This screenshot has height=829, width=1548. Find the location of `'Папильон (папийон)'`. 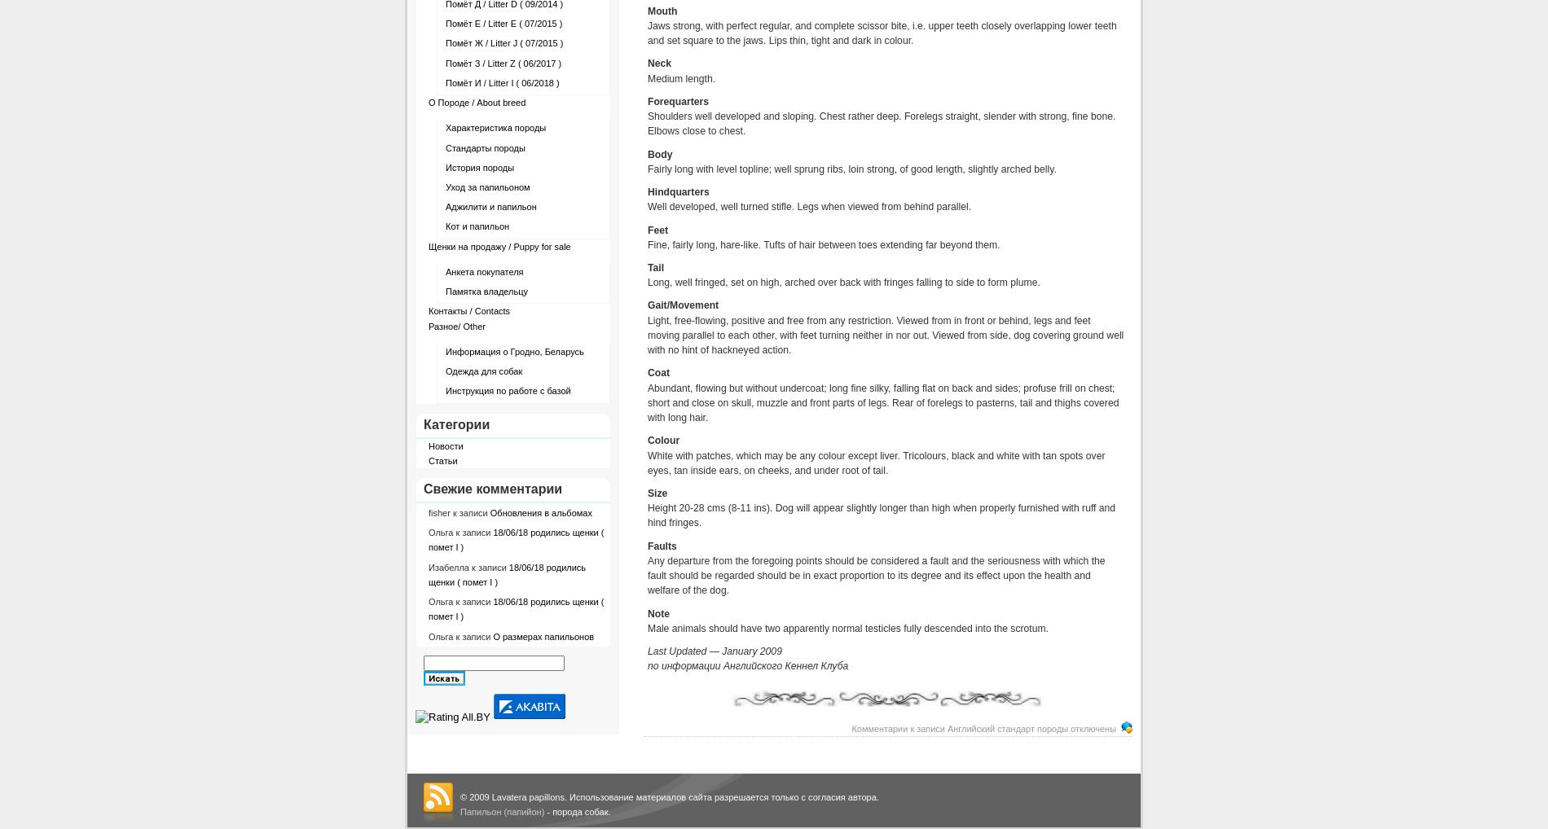

'Папильон (папийон)' is located at coordinates (460, 812).